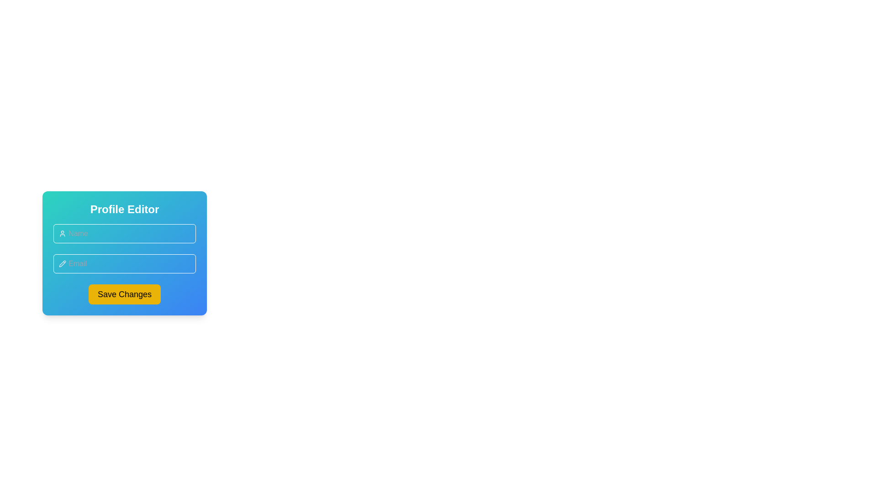 This screenshot has width=877, height=493. What do you see at coordinates (62, 233) in the screenshot?
I see `the SVG Icon that indicates the input field for entering a user's name, positioned to the left of the Name label input field` at bounding box center [62, 233].